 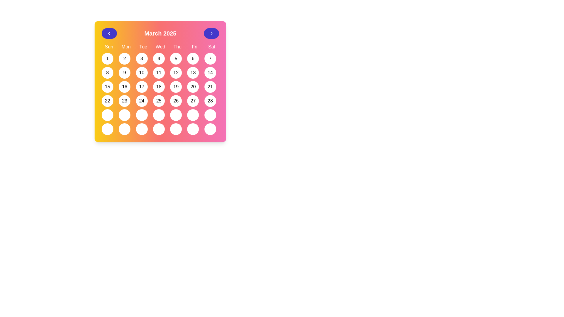 What do you see at coordinates (109, 46) in the screenshot?
I see `the Text Label displaying 'Sun', which is the first item in the horizontal sequence of day labels in the calendar, located at the top-left corner` at bounding box center [109, 46].